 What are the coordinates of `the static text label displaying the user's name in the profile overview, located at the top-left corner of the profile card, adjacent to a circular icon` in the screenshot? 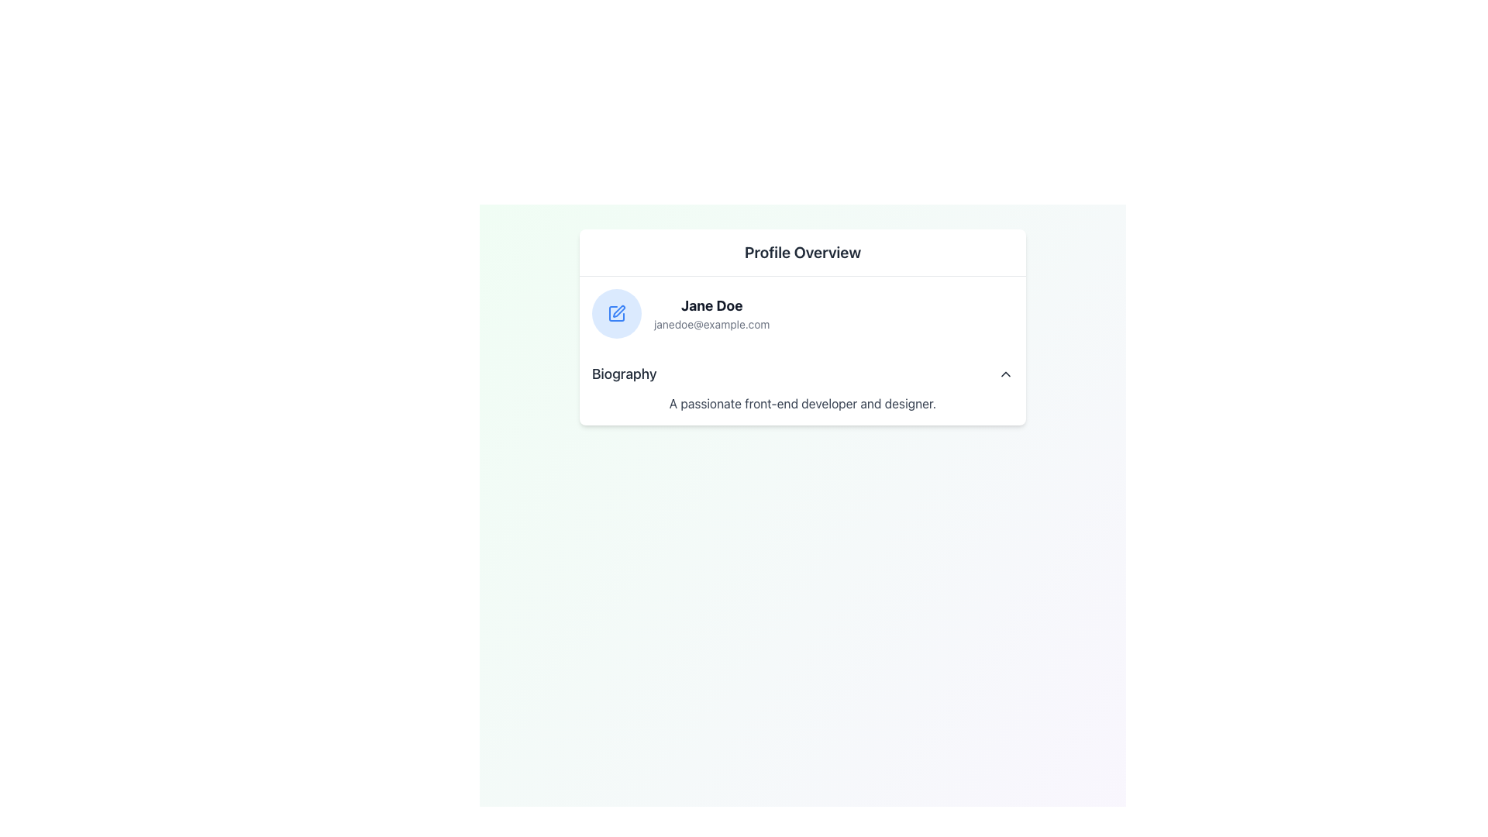 It's located at (711, 305).